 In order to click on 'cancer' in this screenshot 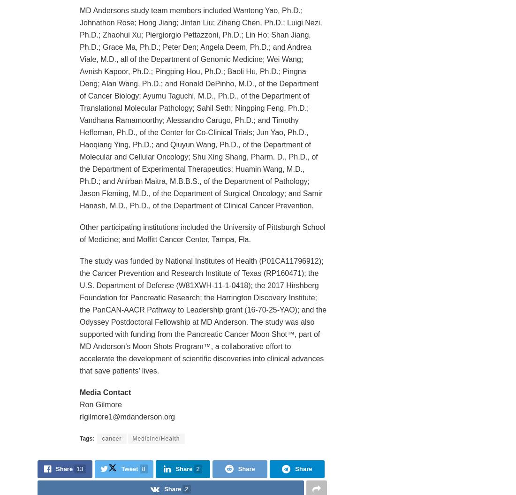, I will do `click(112, 437)`.